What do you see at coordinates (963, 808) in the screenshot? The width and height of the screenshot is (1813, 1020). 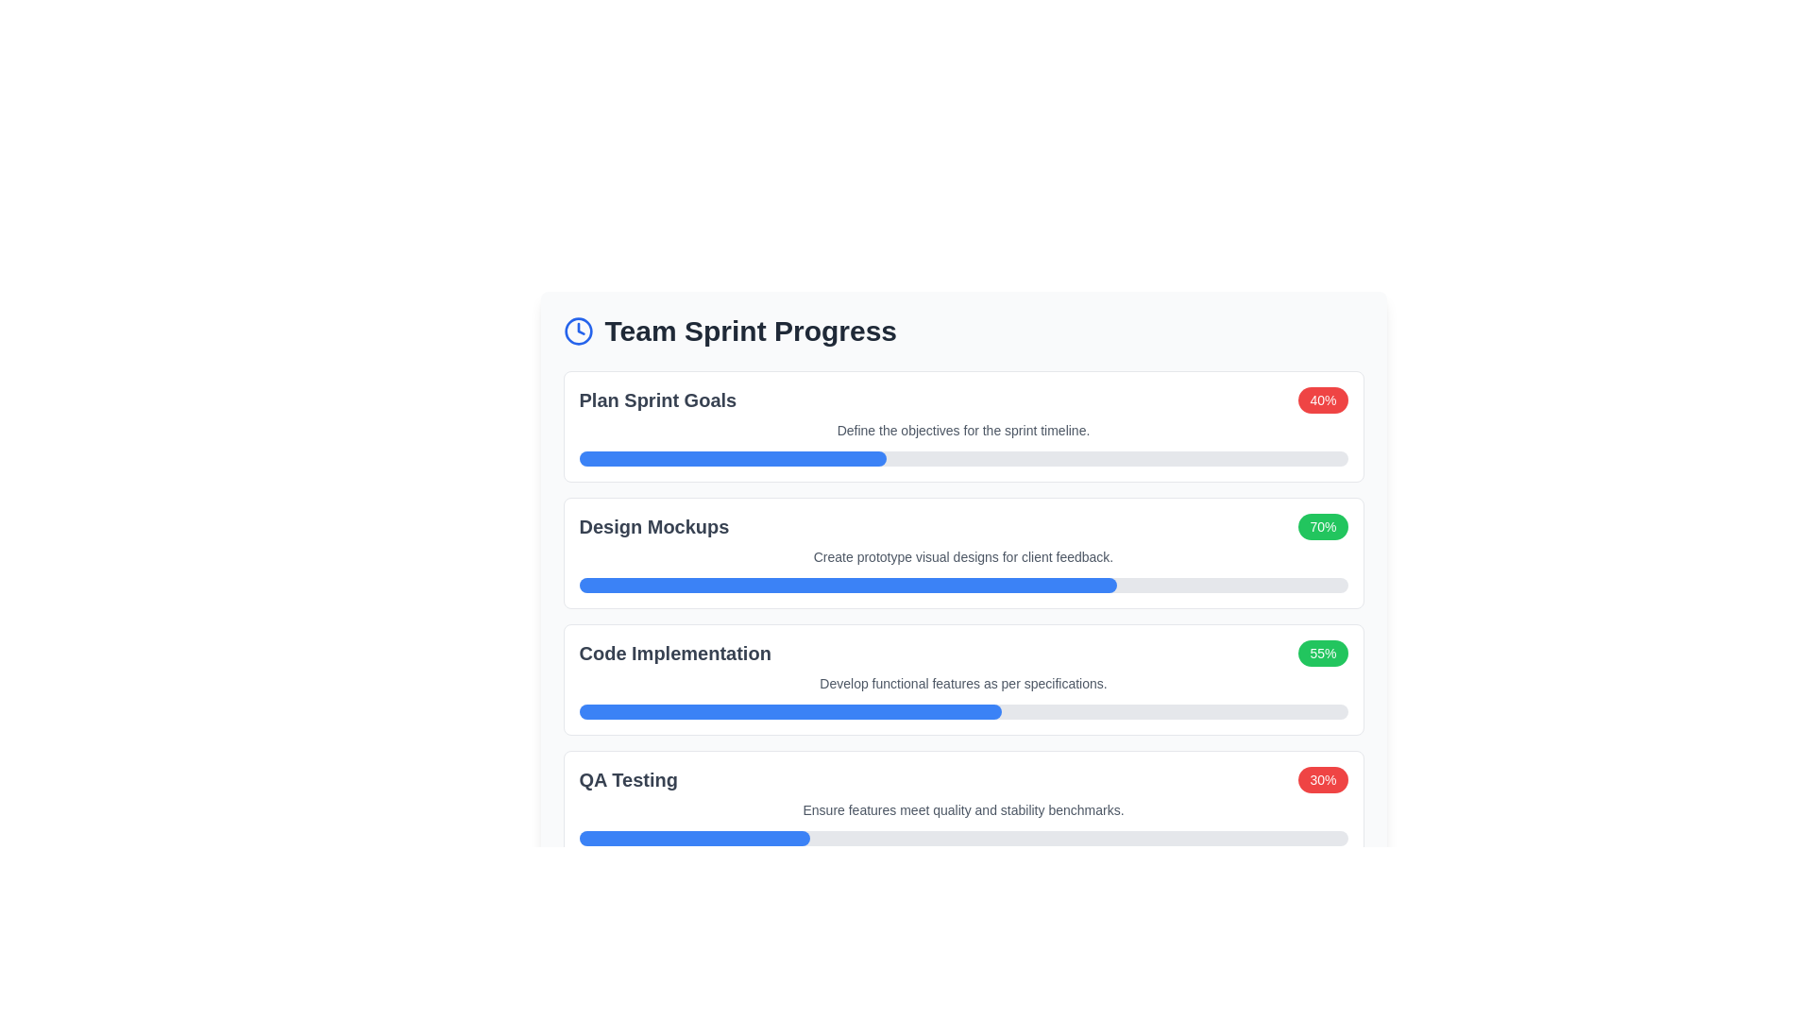 I see `the static text label stating 'Ensure features meet quality and stability benchmarks.' located below the heading 'QA Testing' and above the progress bar` at bounding box center [963, 808].